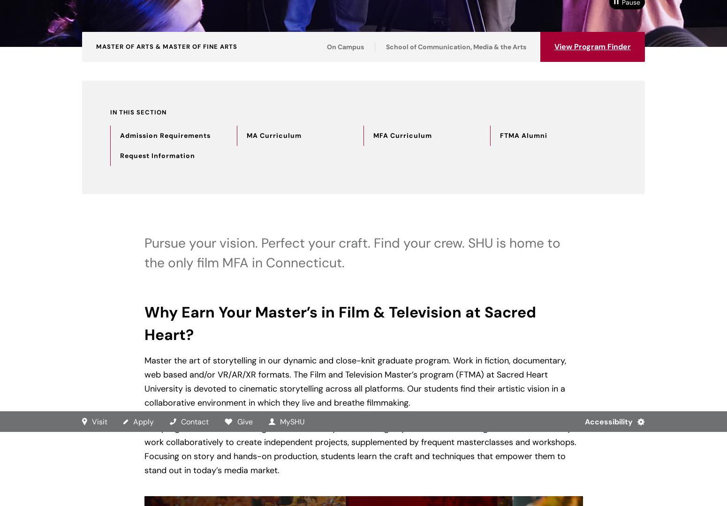  What do you see at coordinates (165, 135) in the screenshot?
I see `'Admission Requirements'` at bounding box center [165, 135].